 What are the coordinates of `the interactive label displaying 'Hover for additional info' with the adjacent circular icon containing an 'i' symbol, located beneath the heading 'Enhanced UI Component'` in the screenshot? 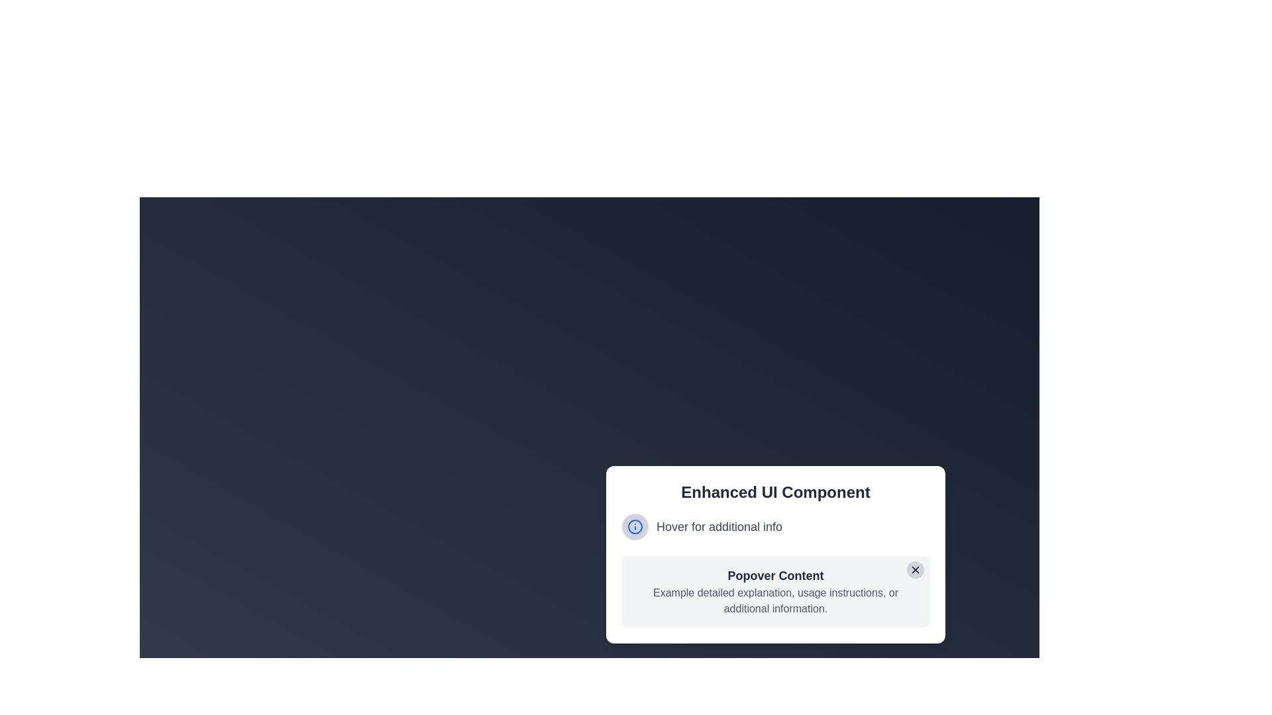 It's located at (776, 526).